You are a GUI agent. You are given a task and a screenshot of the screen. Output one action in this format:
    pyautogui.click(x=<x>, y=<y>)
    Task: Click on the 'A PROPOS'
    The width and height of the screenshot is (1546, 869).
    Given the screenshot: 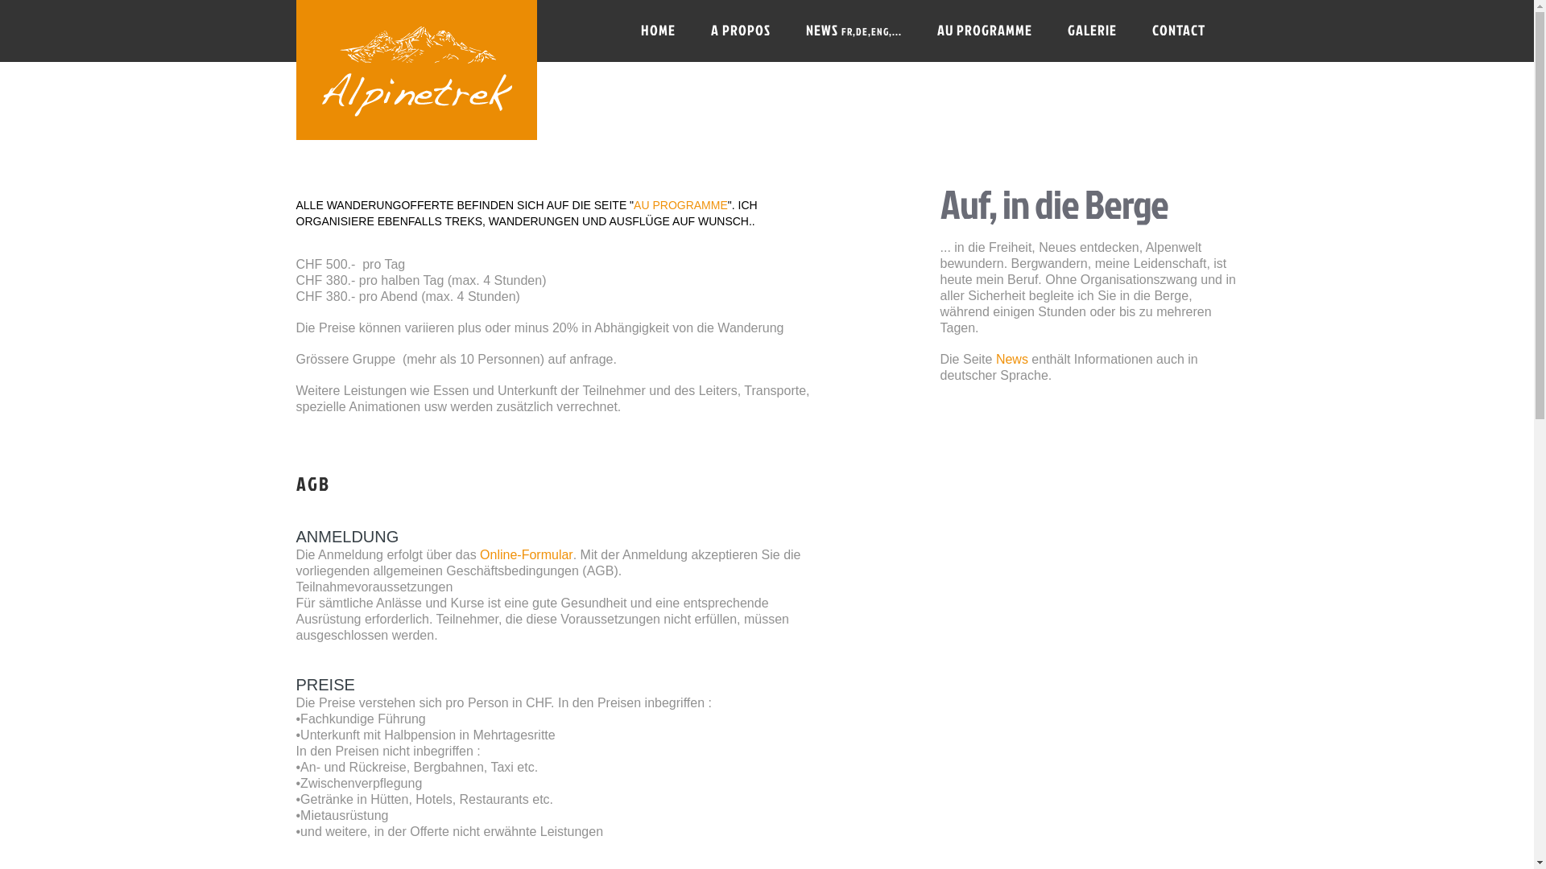 What is the action you would take?
    pyautogui.click(x=738, y=31)
    